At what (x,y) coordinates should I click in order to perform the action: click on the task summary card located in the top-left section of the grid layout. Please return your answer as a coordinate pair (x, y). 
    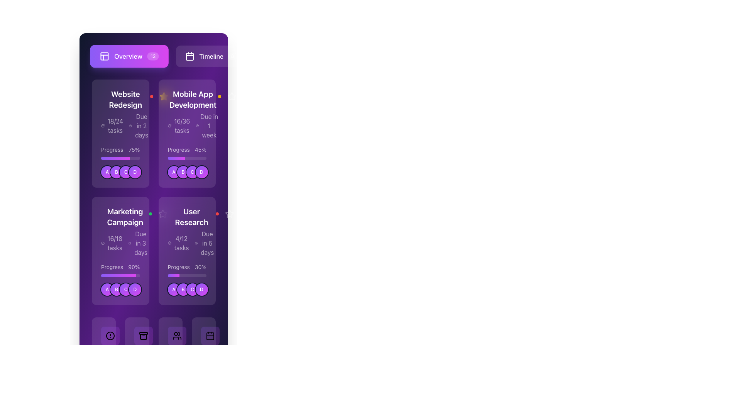
    Looking at the image, I should click on (125, 114).